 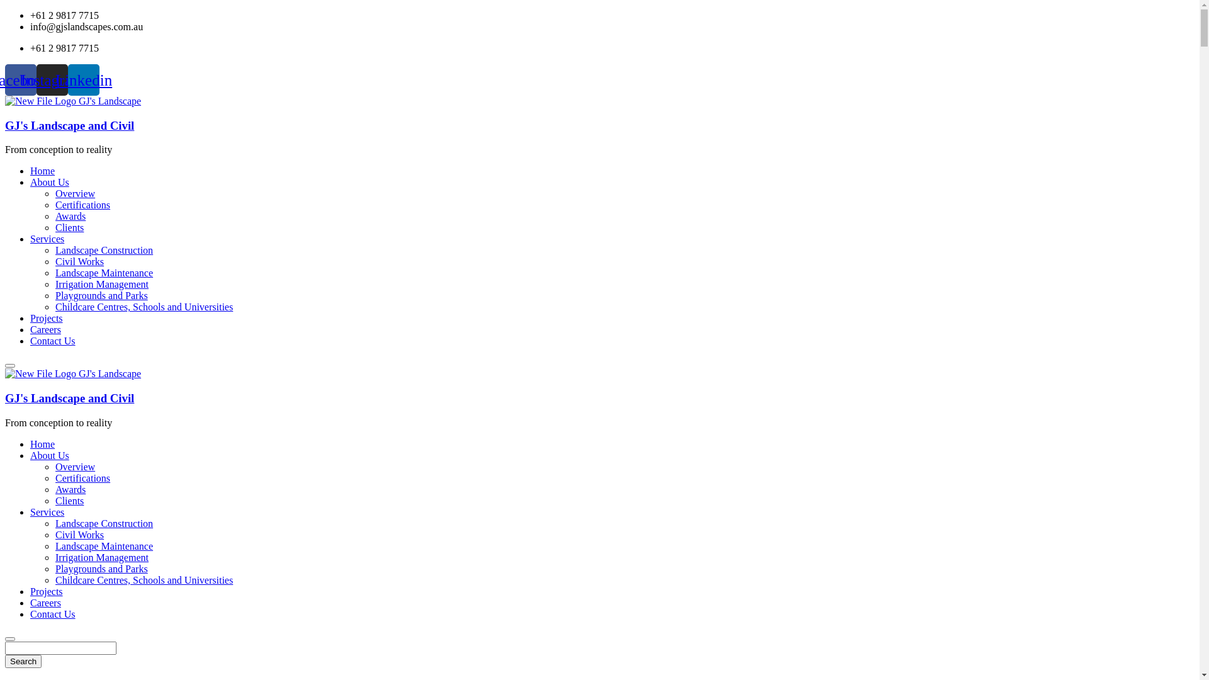 What do you see at coordinates (102, 284) in the screenshot?
I see `'Irrigation Management'` at bounding box center [102, 284].